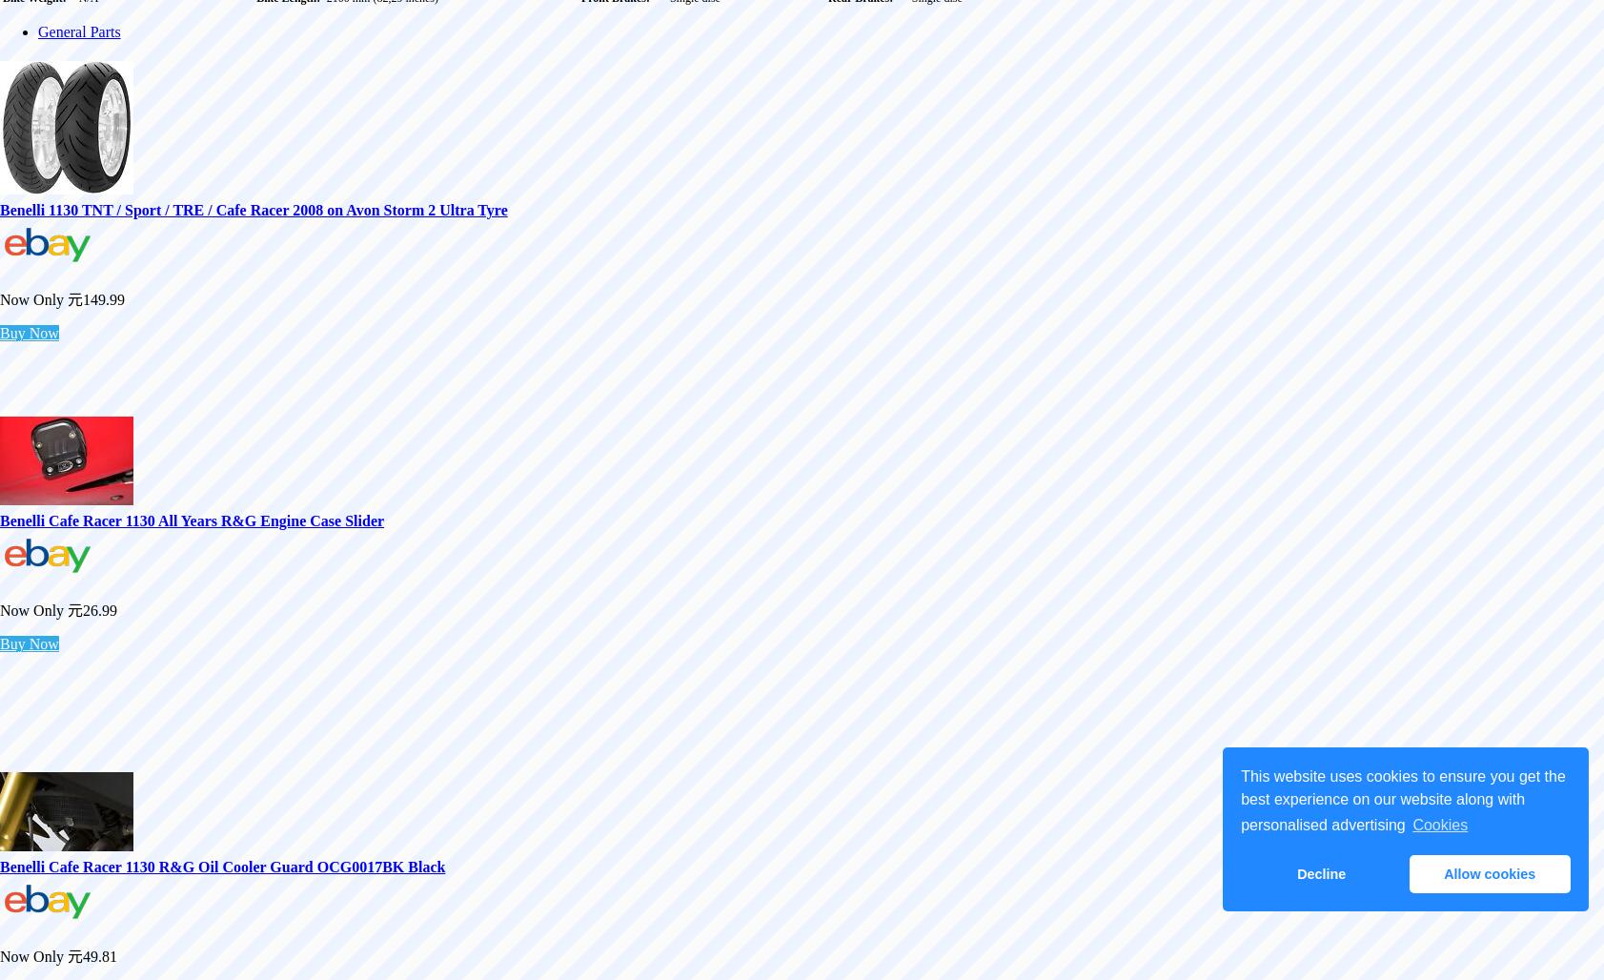 This screenshot has height=980, width=1604. What do you see at coordinates (1412, 824) in the screenshot?
I see `'Cookies'` at bounding box center [1412, 824].